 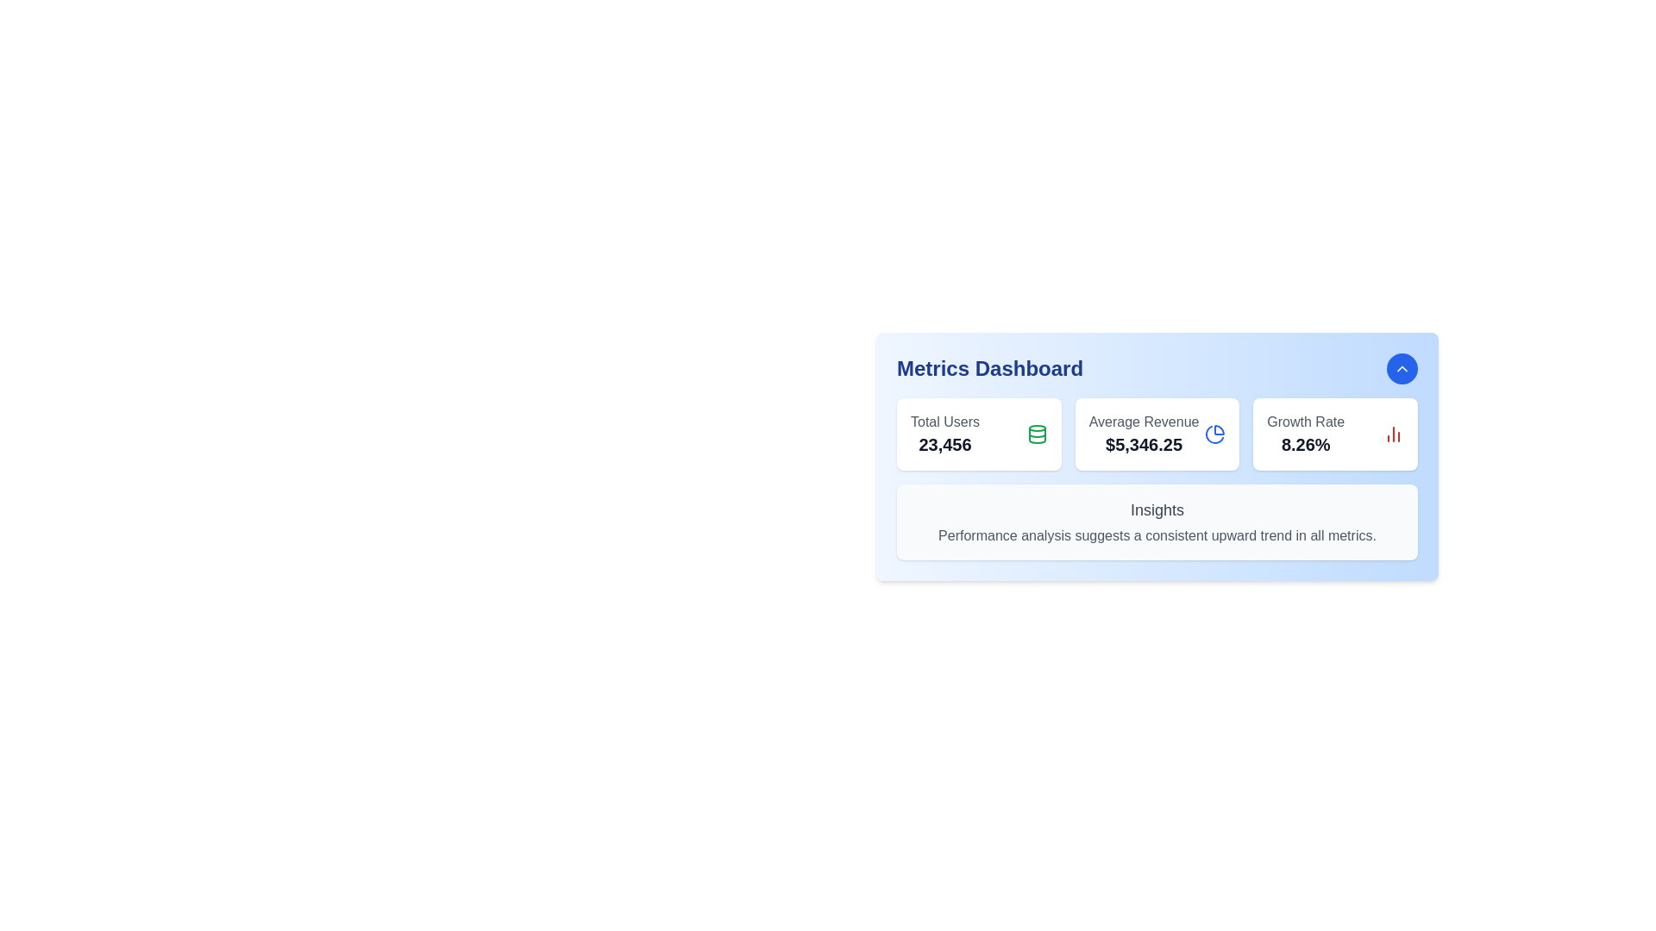 What do you see at coordinates (944, 422) in the screenshot?
I see `the static text label displaying 'Total Users' in gray font, located in the 'Metrics Dashboard' section above the number '23,456'` at bounding box center [944, 422].